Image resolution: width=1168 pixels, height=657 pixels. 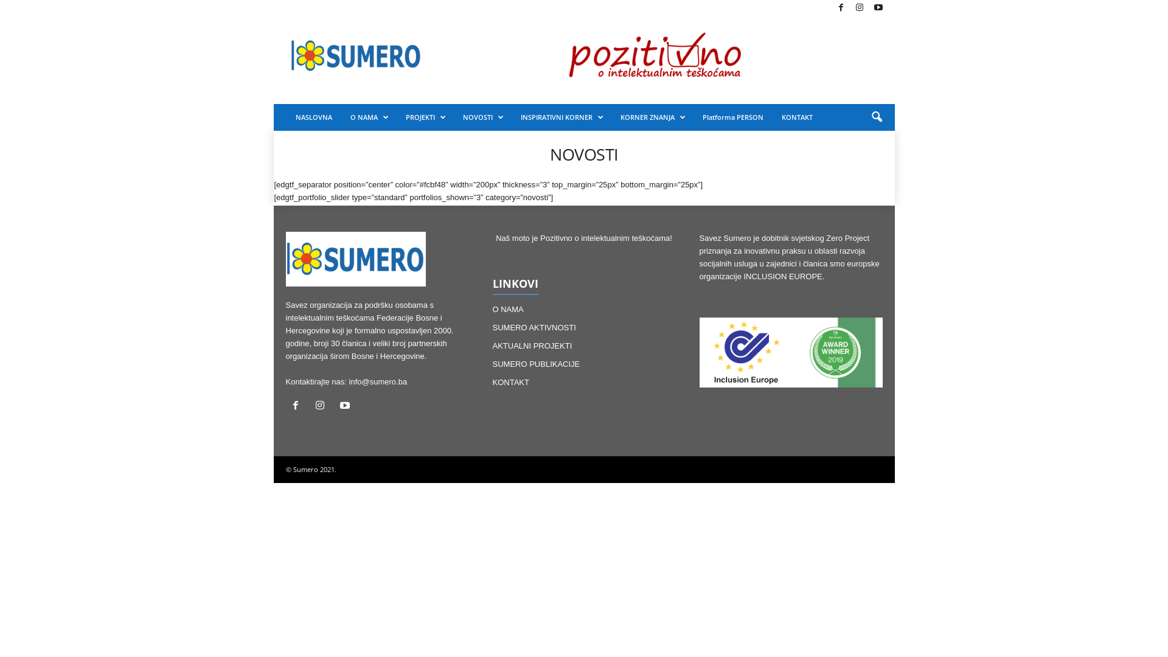 I want to click on 'KORNER ZNANJA', so click(x=651, y=117).